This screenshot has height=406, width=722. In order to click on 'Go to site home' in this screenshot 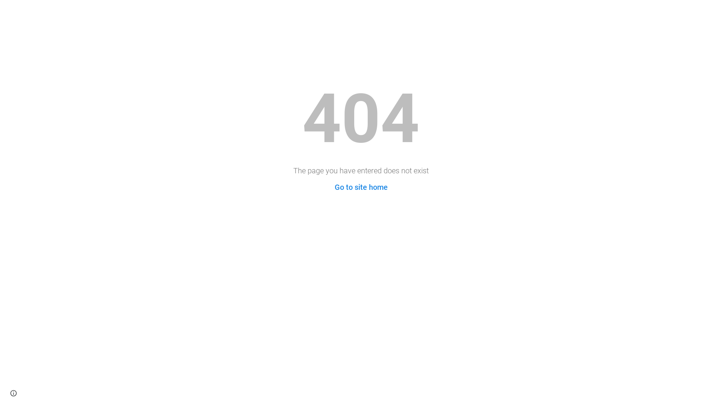, I will do `click(361, 186)`.